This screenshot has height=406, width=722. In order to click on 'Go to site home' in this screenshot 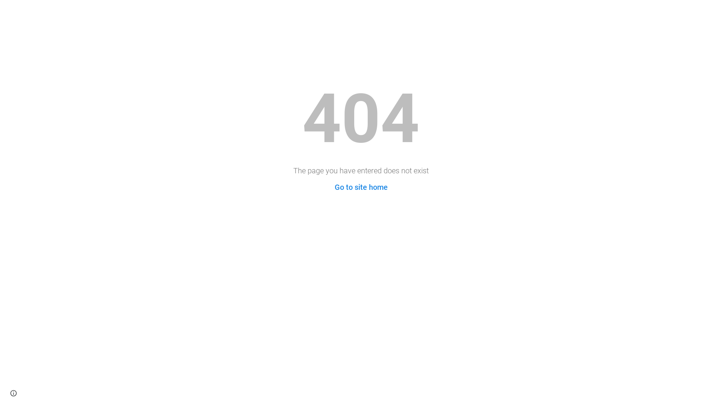, I will do `click(361, 186)`.